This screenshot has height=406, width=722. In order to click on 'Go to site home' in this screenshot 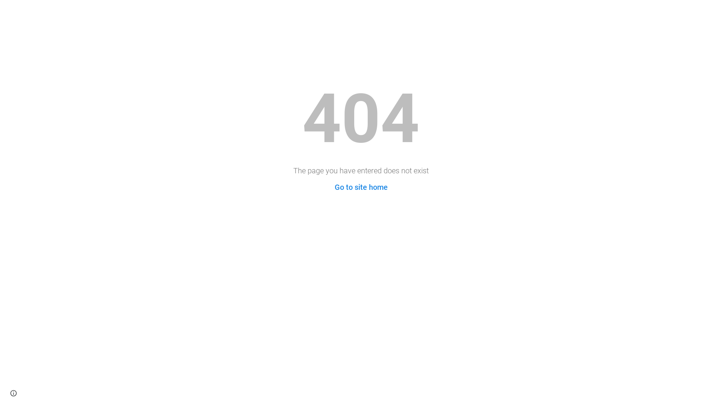, I will do `click(361, 186)`.